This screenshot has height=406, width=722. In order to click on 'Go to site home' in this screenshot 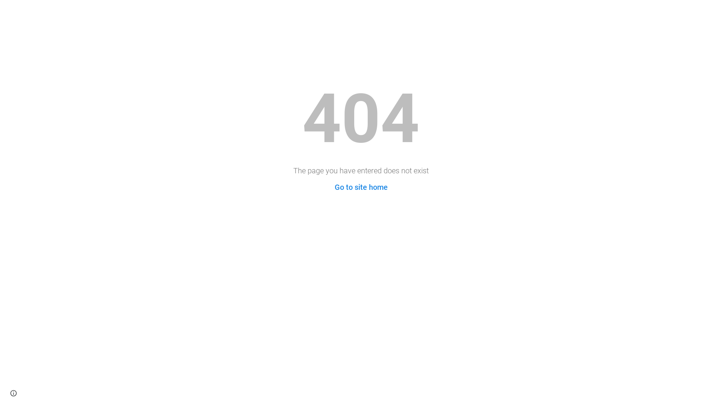, I will do `click(361, 186)`.